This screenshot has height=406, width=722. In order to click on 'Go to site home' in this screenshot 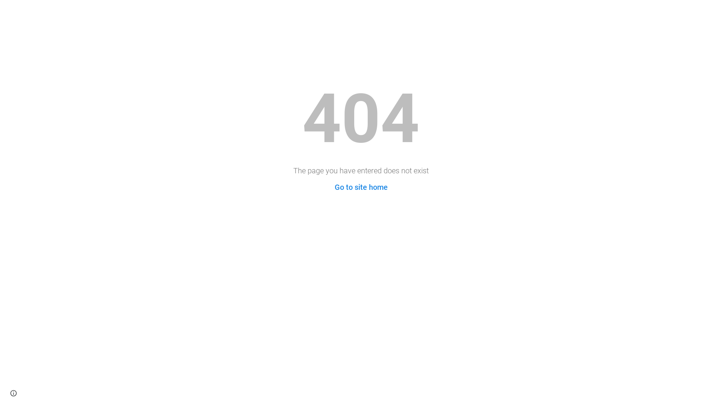, I will do `click(361, 186)`.